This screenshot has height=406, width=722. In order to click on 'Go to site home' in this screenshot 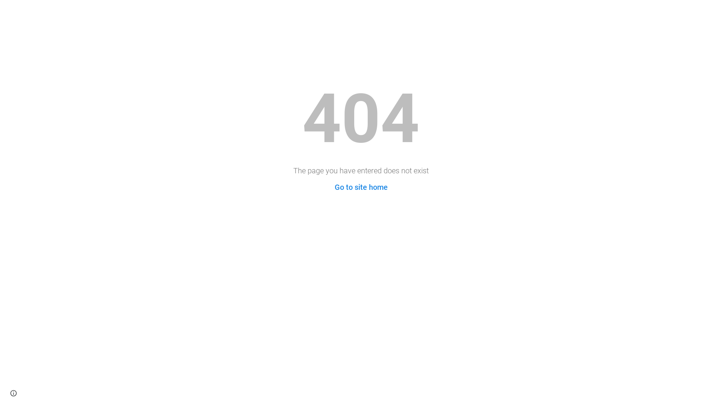, I will do `click(361, 186)`.